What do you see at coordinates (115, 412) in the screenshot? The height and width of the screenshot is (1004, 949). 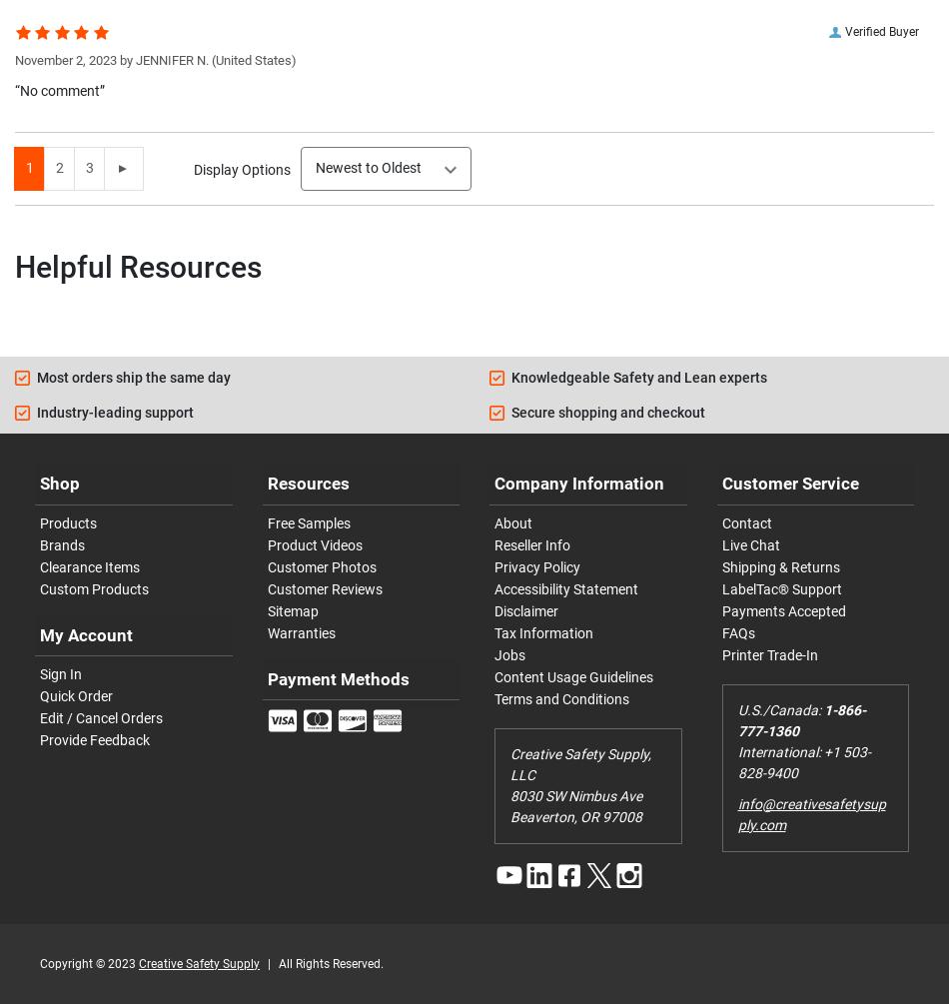 I see `'Industry-leading support'` at bounding box center [115, 412].